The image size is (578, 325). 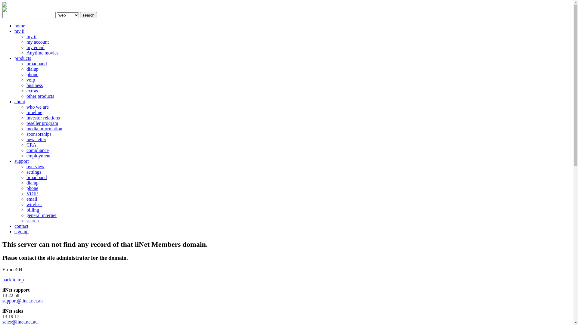 I want to click on 'overview', so click(x=35, y=166).